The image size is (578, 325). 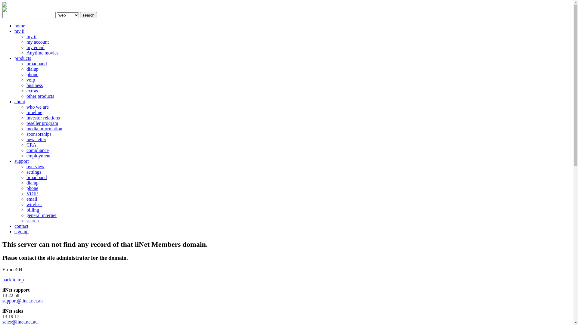 I want to click on 'overview', so click(x=35, y=166).